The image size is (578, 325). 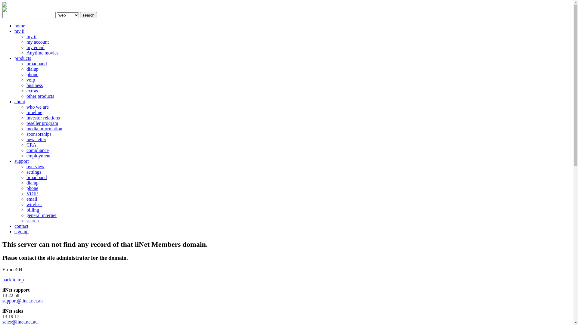 I want to click on 'overview', so click(x=35, y=166).